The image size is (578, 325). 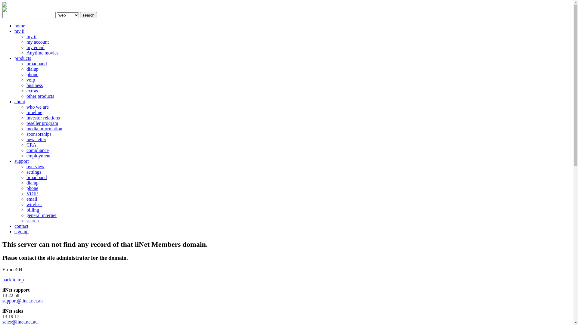 I want to click on 'overview', so click(x=35, y=166).